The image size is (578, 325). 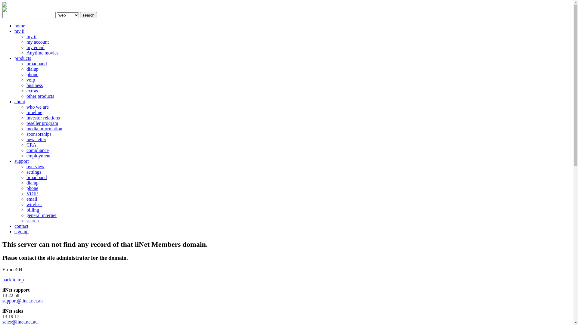 I want to click on 'overview', so click(x=35, y=166).